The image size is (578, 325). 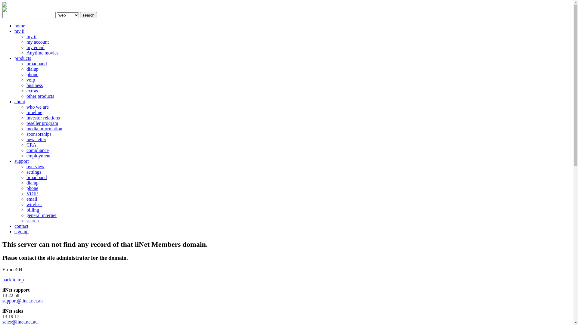 I want to click on 'overview', so click(x=35, y=166).